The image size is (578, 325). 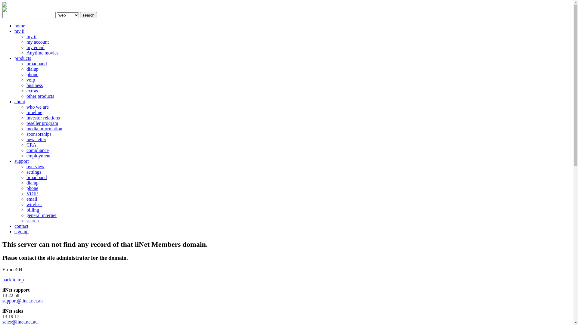 I want to click on 'overview', so click(x=35, y=166).